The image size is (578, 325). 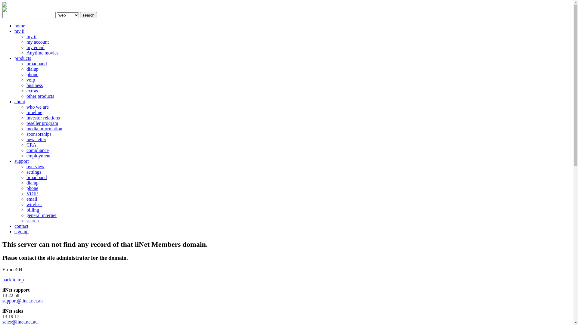 I want to click on 'overview', so click(x=35, y=166).